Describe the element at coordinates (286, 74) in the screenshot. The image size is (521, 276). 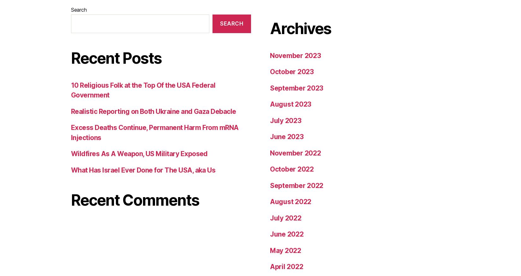
I see `'April 2022'` at that location.